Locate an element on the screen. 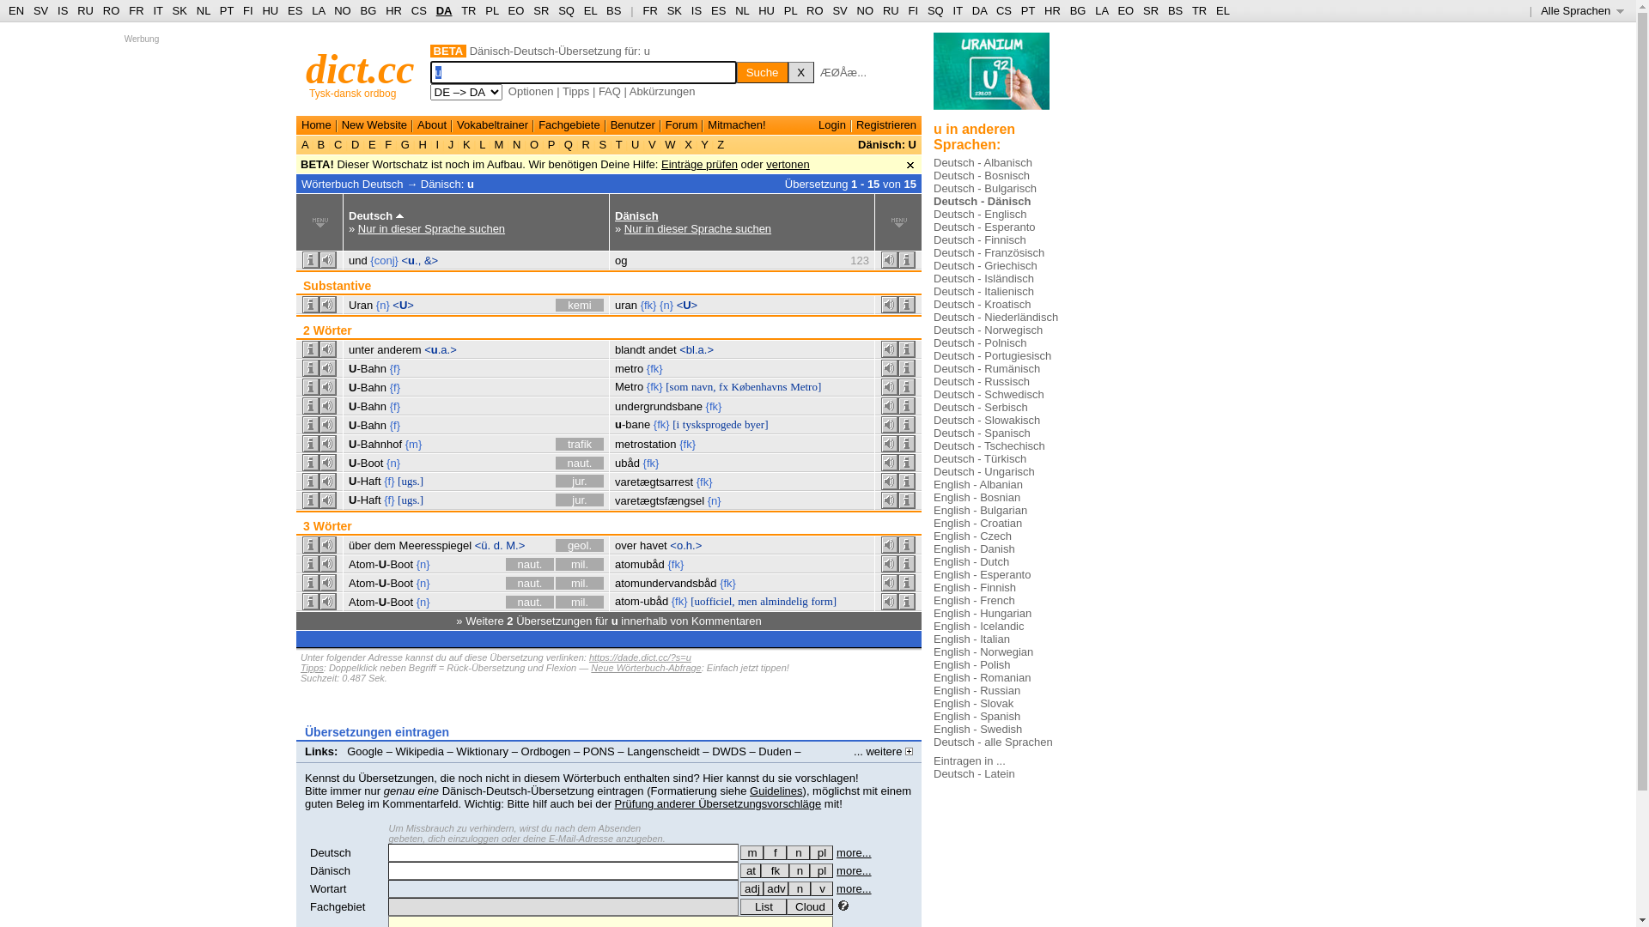 Image resolution: width=1649 pixels, height=927 pixels. 'English - Croatian' is located at coordinates (932, 522).